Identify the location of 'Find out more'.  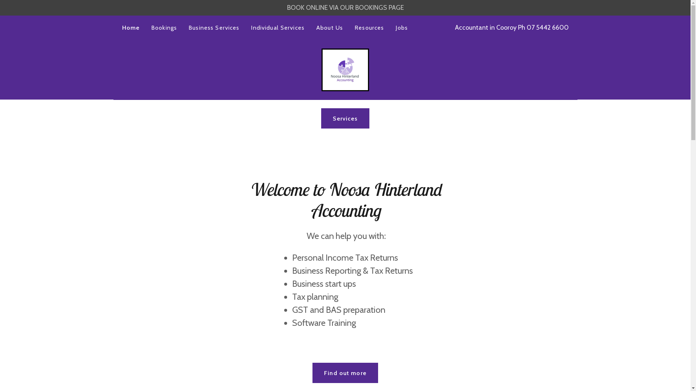
(345, 373).